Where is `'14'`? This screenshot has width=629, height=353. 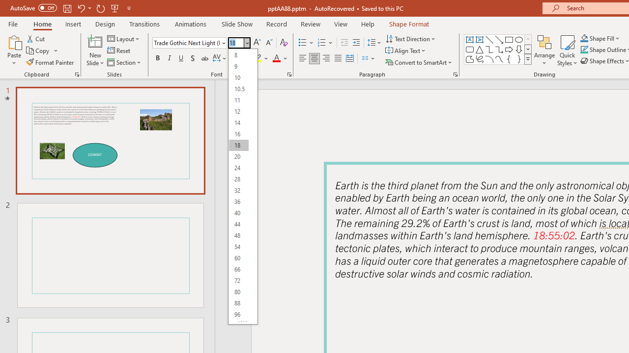 '14' is located at coordinates (238, 122).